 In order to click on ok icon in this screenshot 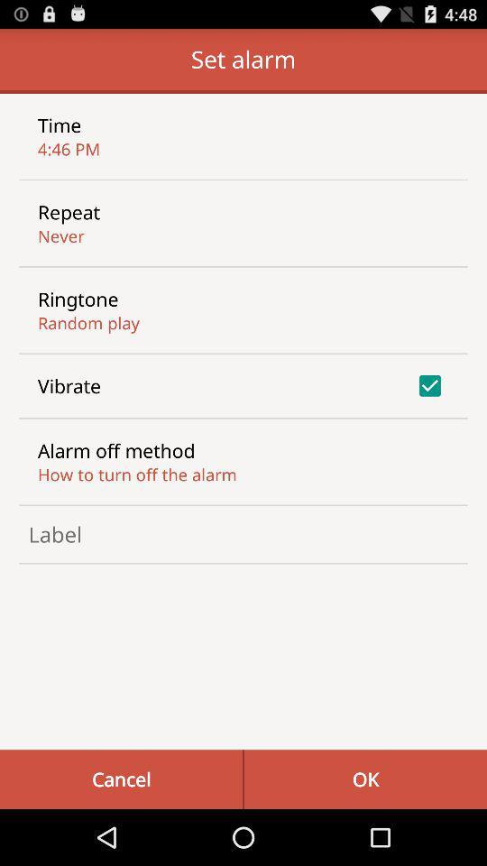, I will do `click(365, 778)`.